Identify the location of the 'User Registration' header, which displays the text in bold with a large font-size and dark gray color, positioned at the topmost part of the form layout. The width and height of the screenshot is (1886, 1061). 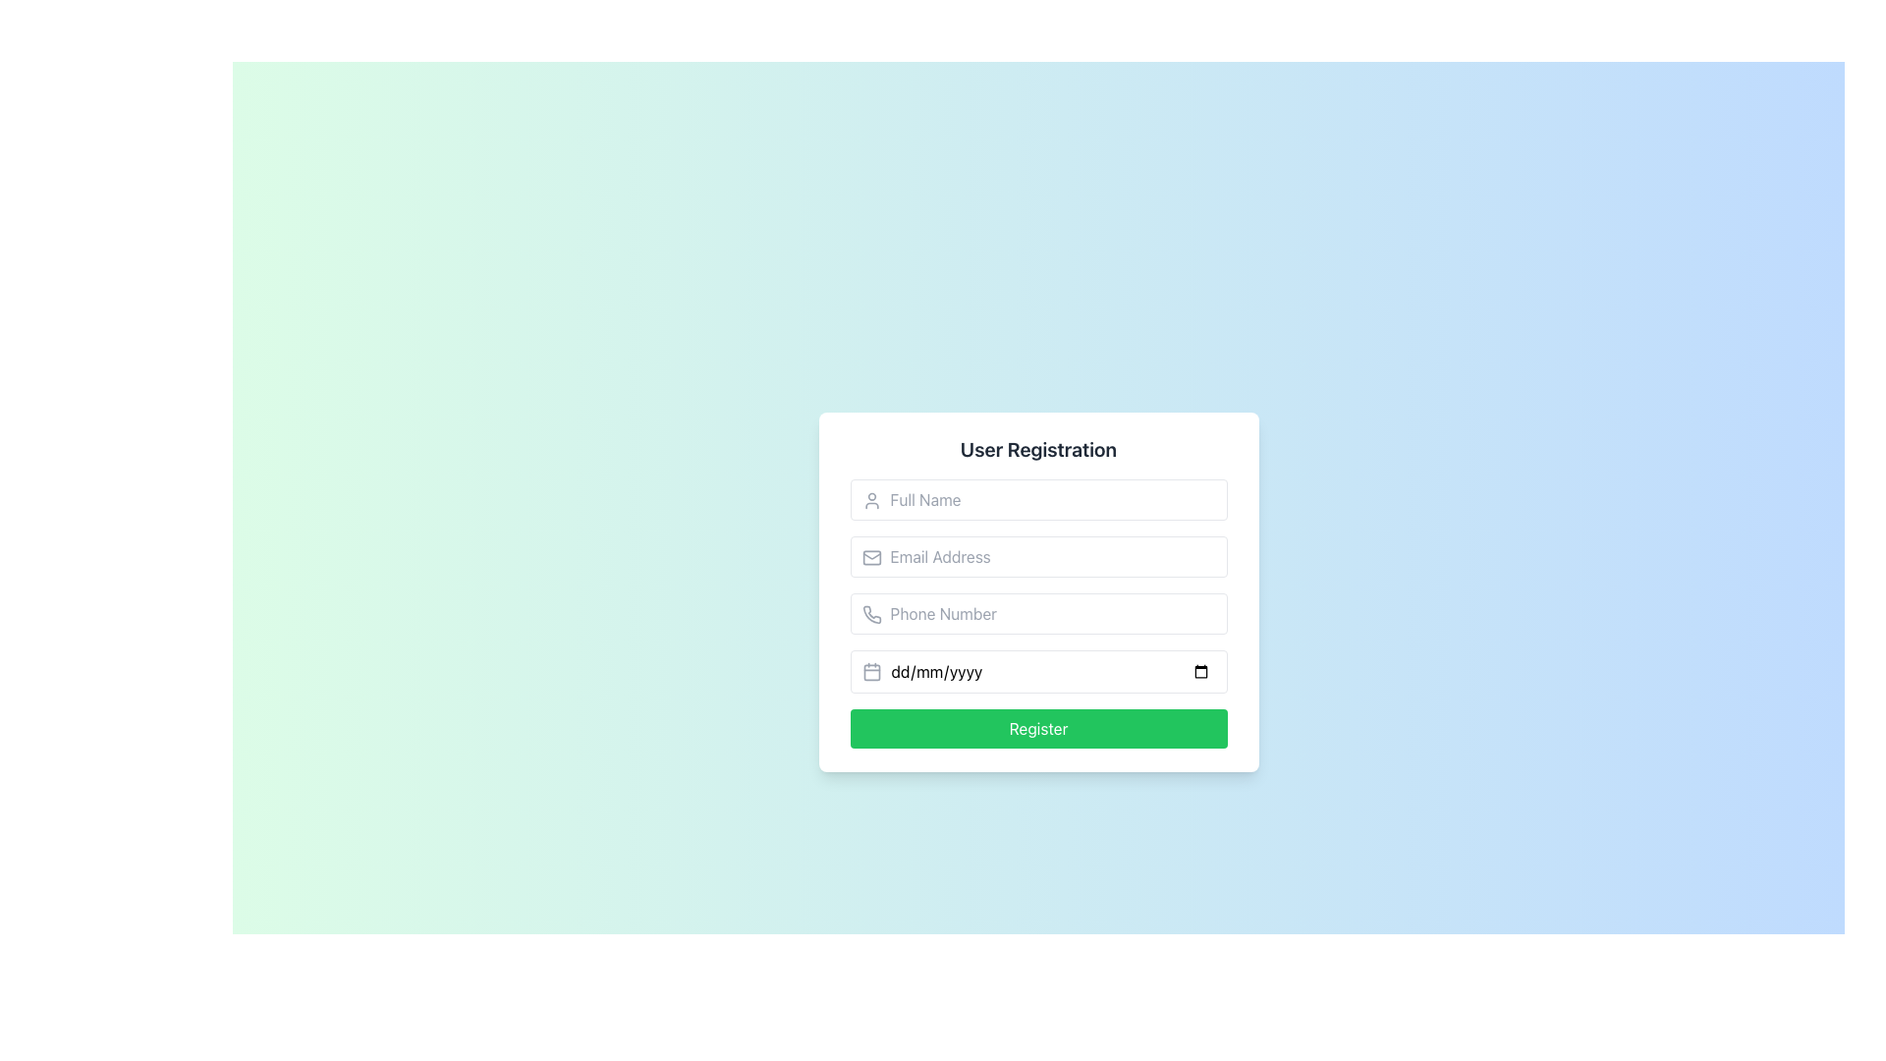
(1037, 450).